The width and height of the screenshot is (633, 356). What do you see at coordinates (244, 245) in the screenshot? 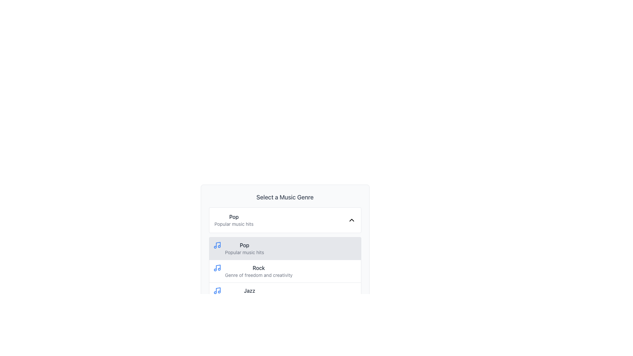
I see `text label 'Pop' which is styled in medium-weight font with dark gray color, located in a light gray background box, part of the genre selection list under the heading 'Select a Music Genre.'` at bounding box center [244, 245].